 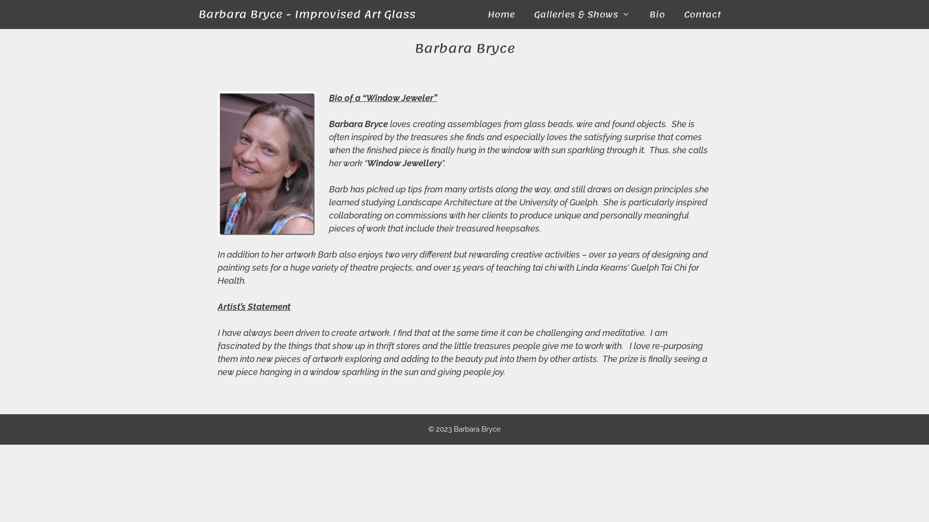 I want to click on 'Barbara Bryce - Improvised Art Glass', so click(x=306, y=14).